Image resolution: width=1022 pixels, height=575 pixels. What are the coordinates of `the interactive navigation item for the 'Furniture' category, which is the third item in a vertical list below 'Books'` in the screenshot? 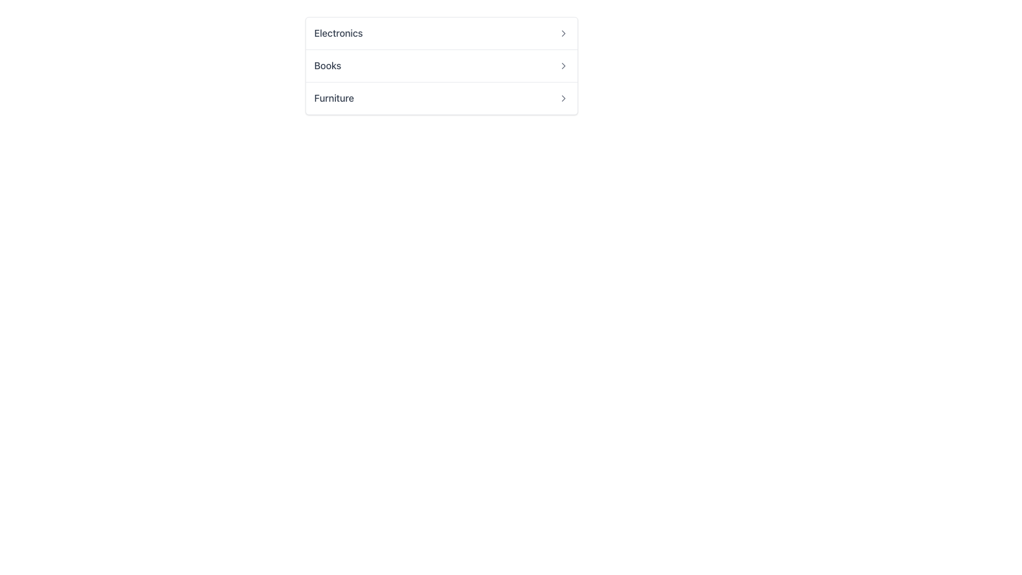 It's located at (441, 98).